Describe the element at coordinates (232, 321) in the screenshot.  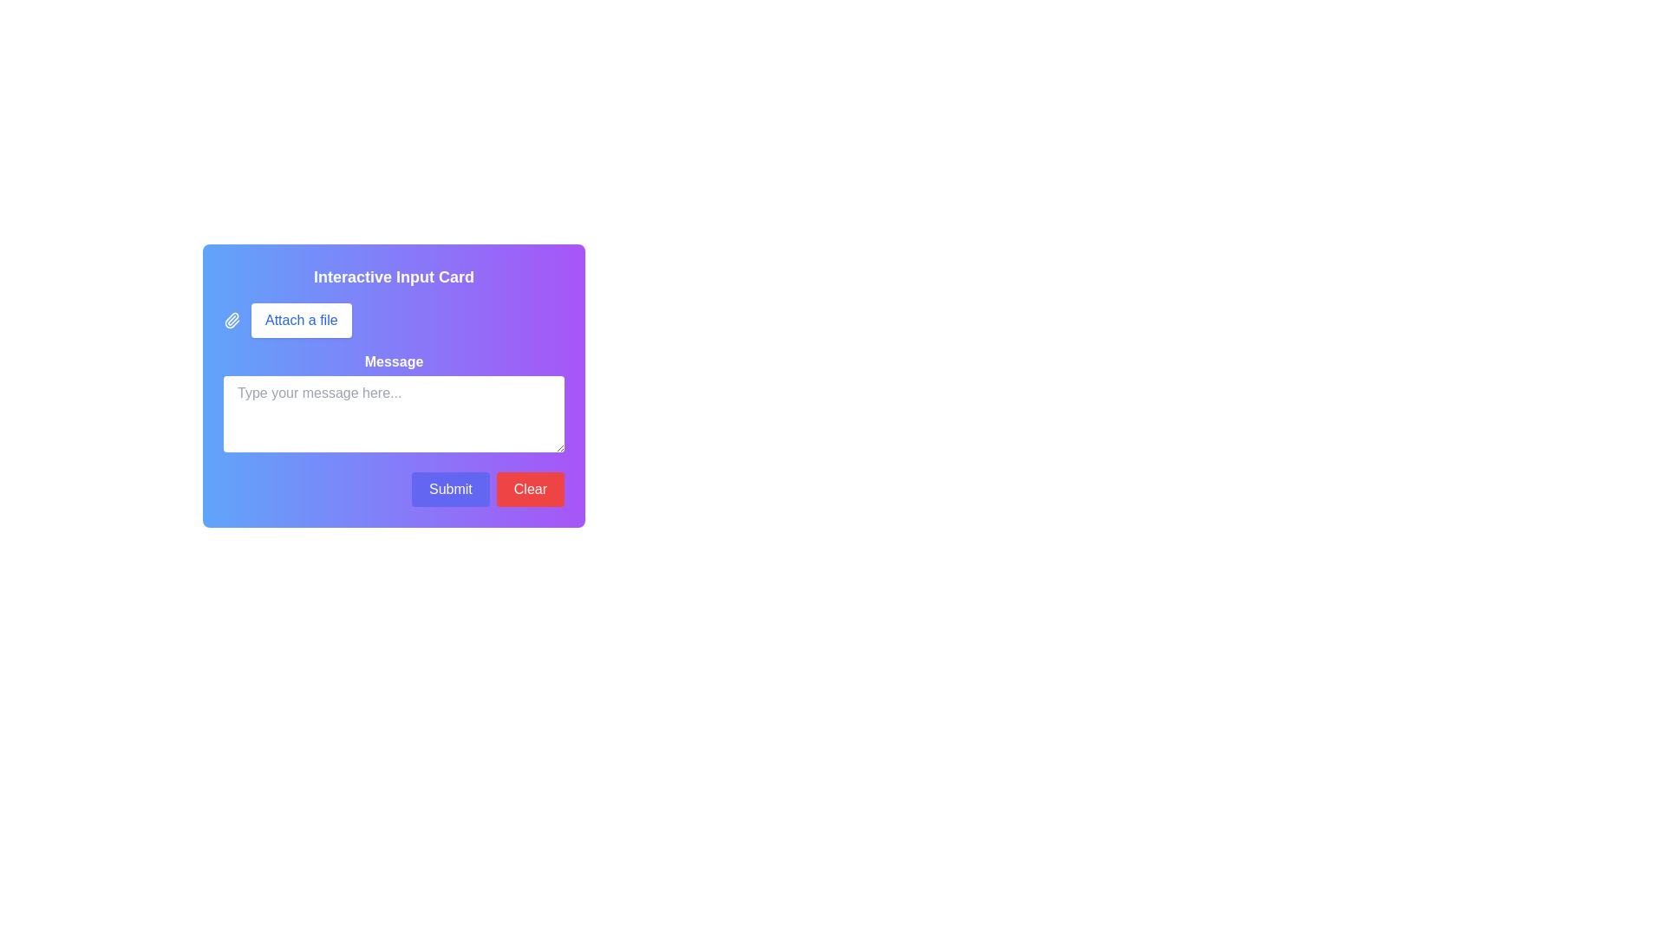
I see `the paperclip icon, which is designed as a simple line-art style drawing and is positioned to the left of the 'Attach a file' button` at that location.